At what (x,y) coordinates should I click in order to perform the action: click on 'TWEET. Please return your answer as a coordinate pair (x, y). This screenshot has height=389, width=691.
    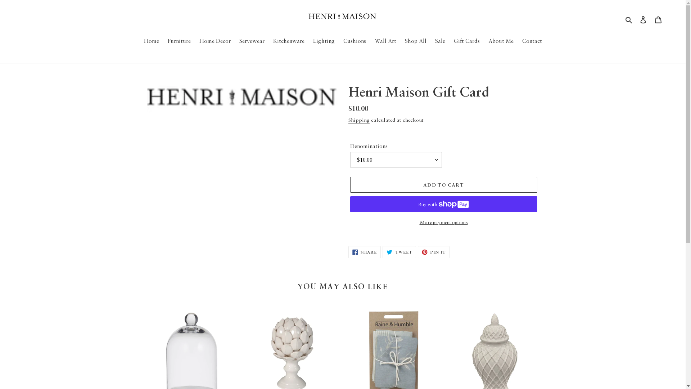
    Looking at the image, I should click on (399, 251).